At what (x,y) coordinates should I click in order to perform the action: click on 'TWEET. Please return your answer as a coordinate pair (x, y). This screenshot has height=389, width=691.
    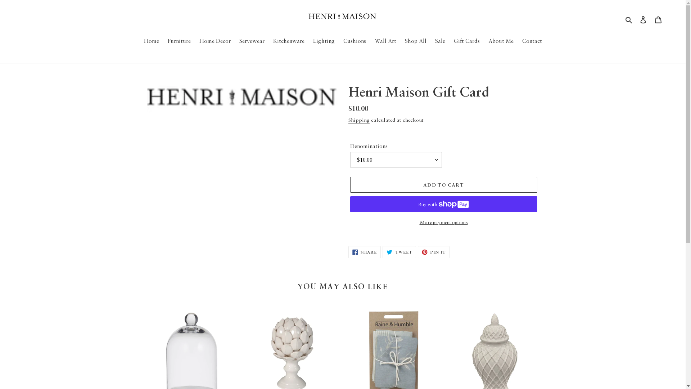
    Looking at the image, I should click on (399, 251).